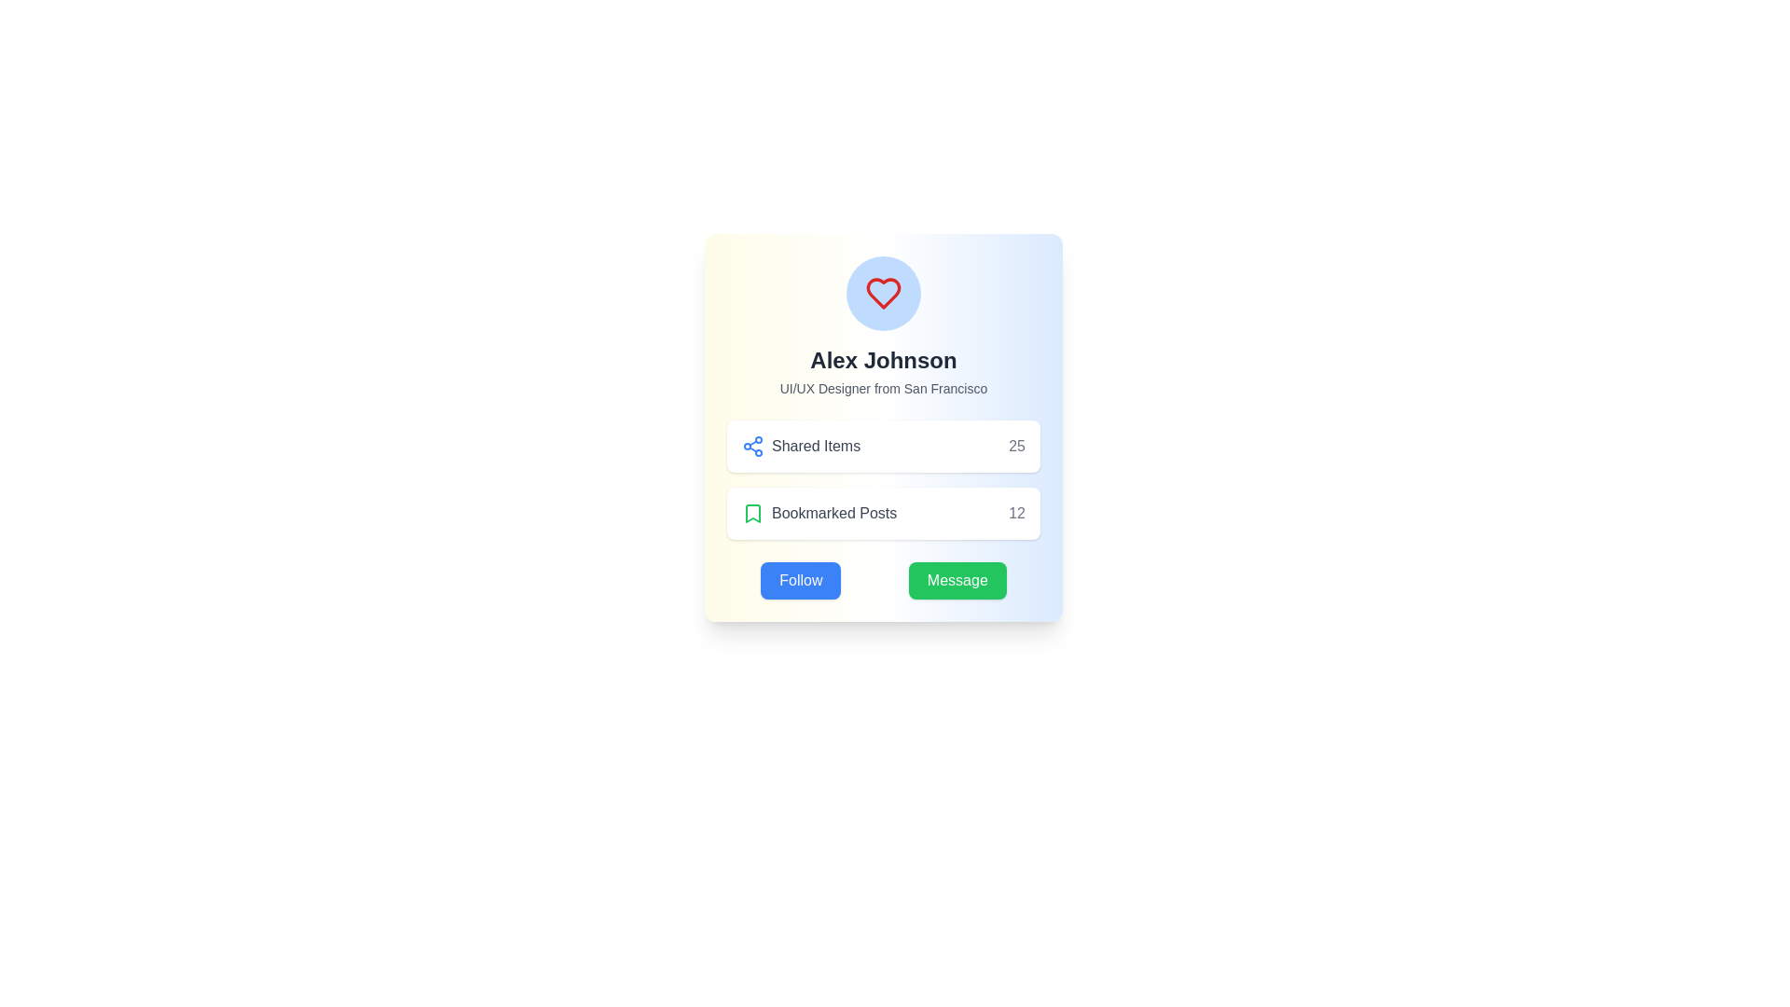  What do you see at coordinates (1016, 446) in the screenshot?
I see `the static text display indicating the count of 'Shared Items' located in the upper card of the interface, positioned to the rightmost side after the label 'Shared Items'` at bounding box center [1016, 446].